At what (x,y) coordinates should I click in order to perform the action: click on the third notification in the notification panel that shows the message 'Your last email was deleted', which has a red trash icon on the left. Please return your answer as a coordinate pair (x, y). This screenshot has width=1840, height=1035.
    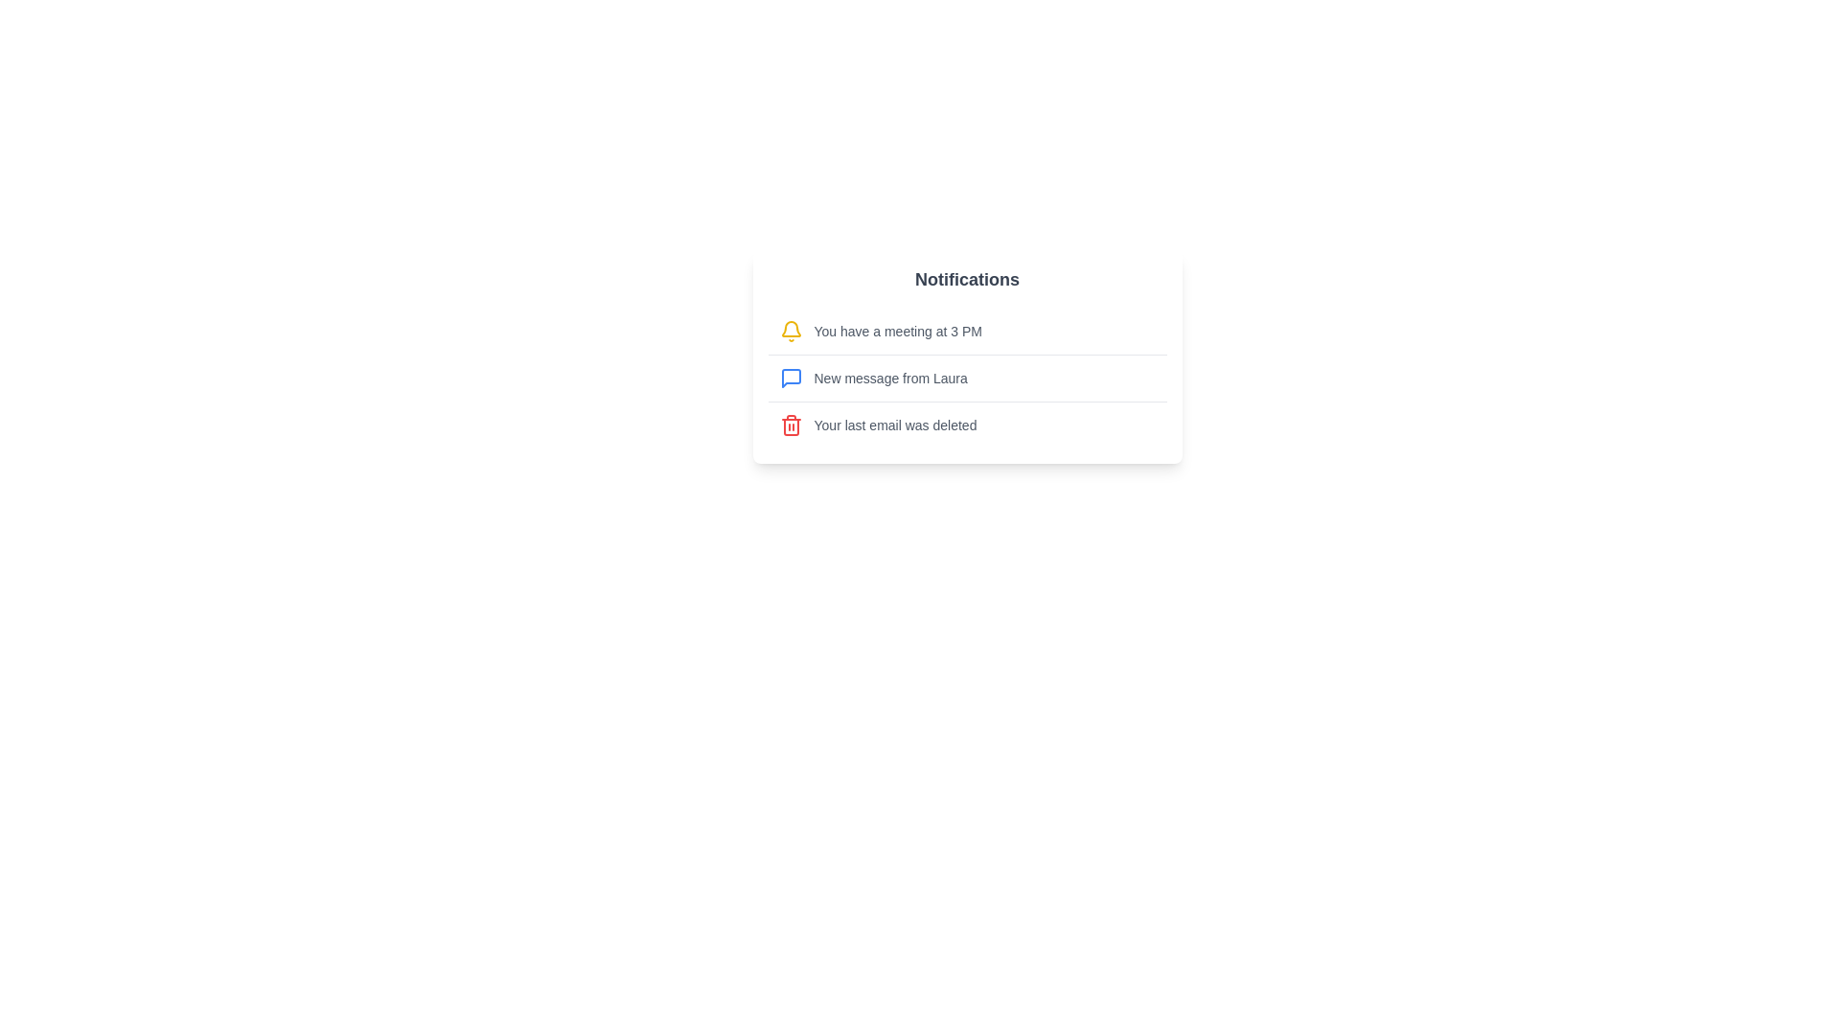
    Looking at the image, I should click on (967, 424).